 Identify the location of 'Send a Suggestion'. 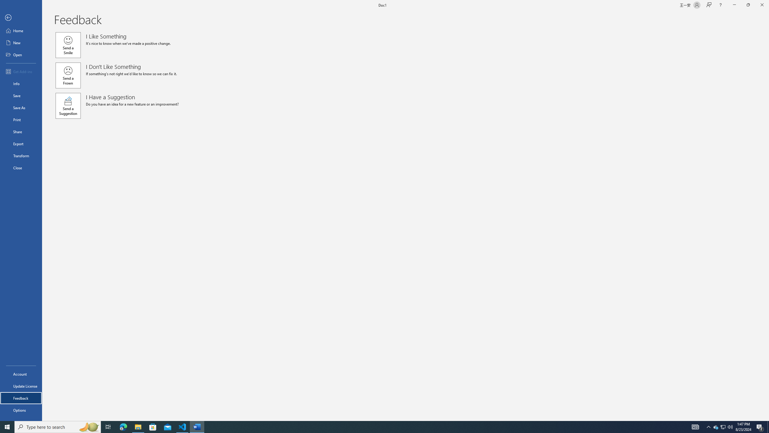
(68, 106).